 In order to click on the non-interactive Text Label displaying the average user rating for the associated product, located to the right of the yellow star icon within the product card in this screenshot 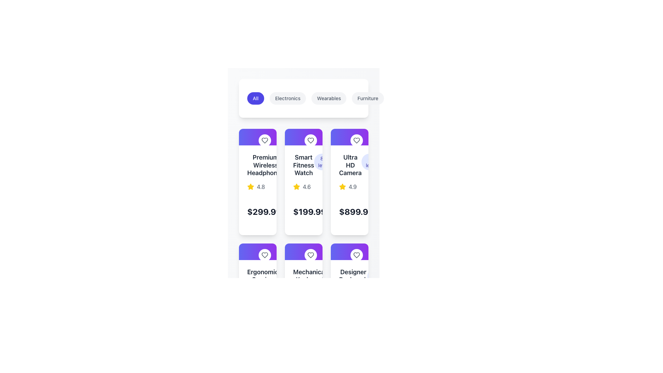, I will do `click(260, 186)`.